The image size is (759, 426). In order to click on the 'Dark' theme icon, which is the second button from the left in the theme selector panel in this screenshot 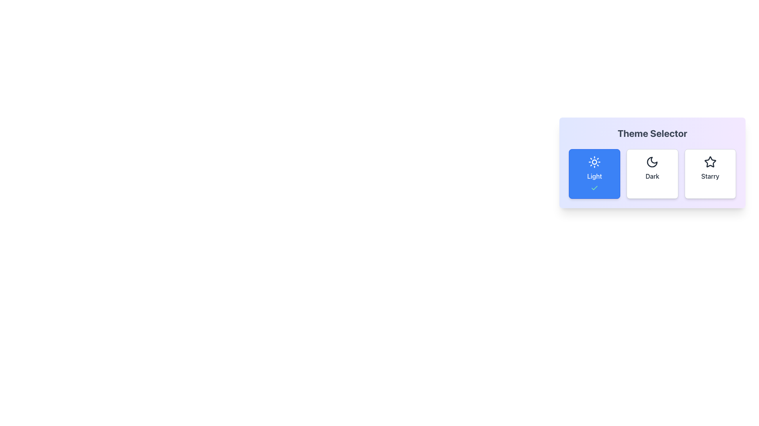, I will do `click(652, 162)`.